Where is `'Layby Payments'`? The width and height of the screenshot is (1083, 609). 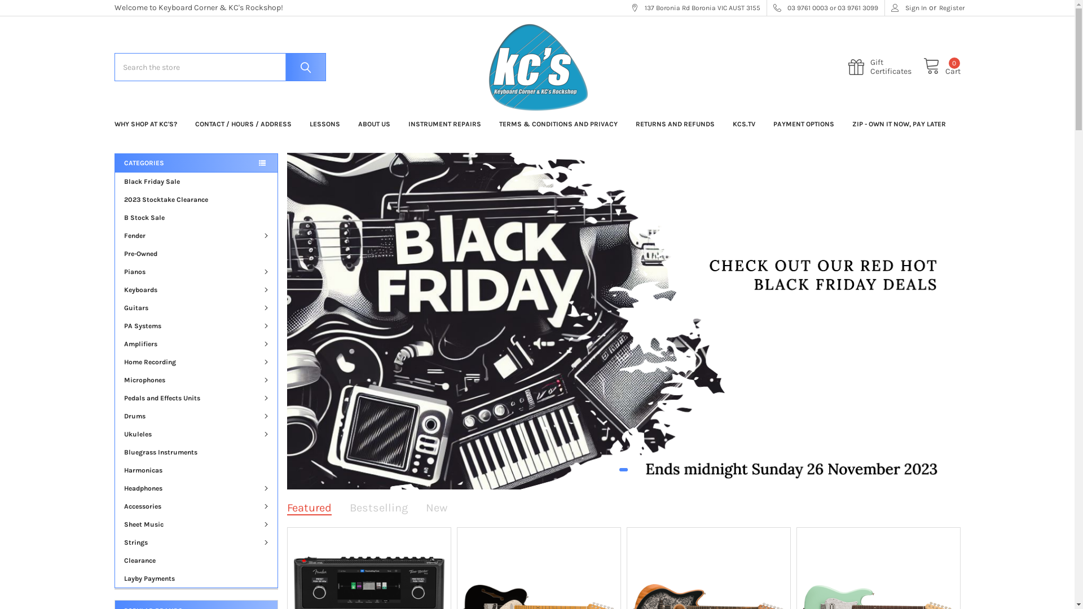
'Layby Payments' is located at coordinates (196, 579).